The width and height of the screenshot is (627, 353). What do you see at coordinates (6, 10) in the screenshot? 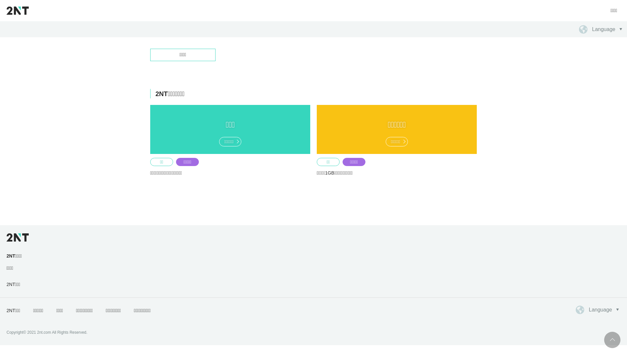
I see `'2NT'` at bounding box center [6, 10].